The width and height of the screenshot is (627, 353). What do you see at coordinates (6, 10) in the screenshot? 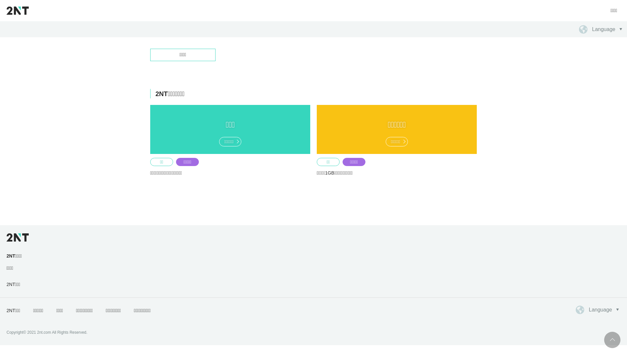
I see `'2NT'` at bounding box center [6, 10].